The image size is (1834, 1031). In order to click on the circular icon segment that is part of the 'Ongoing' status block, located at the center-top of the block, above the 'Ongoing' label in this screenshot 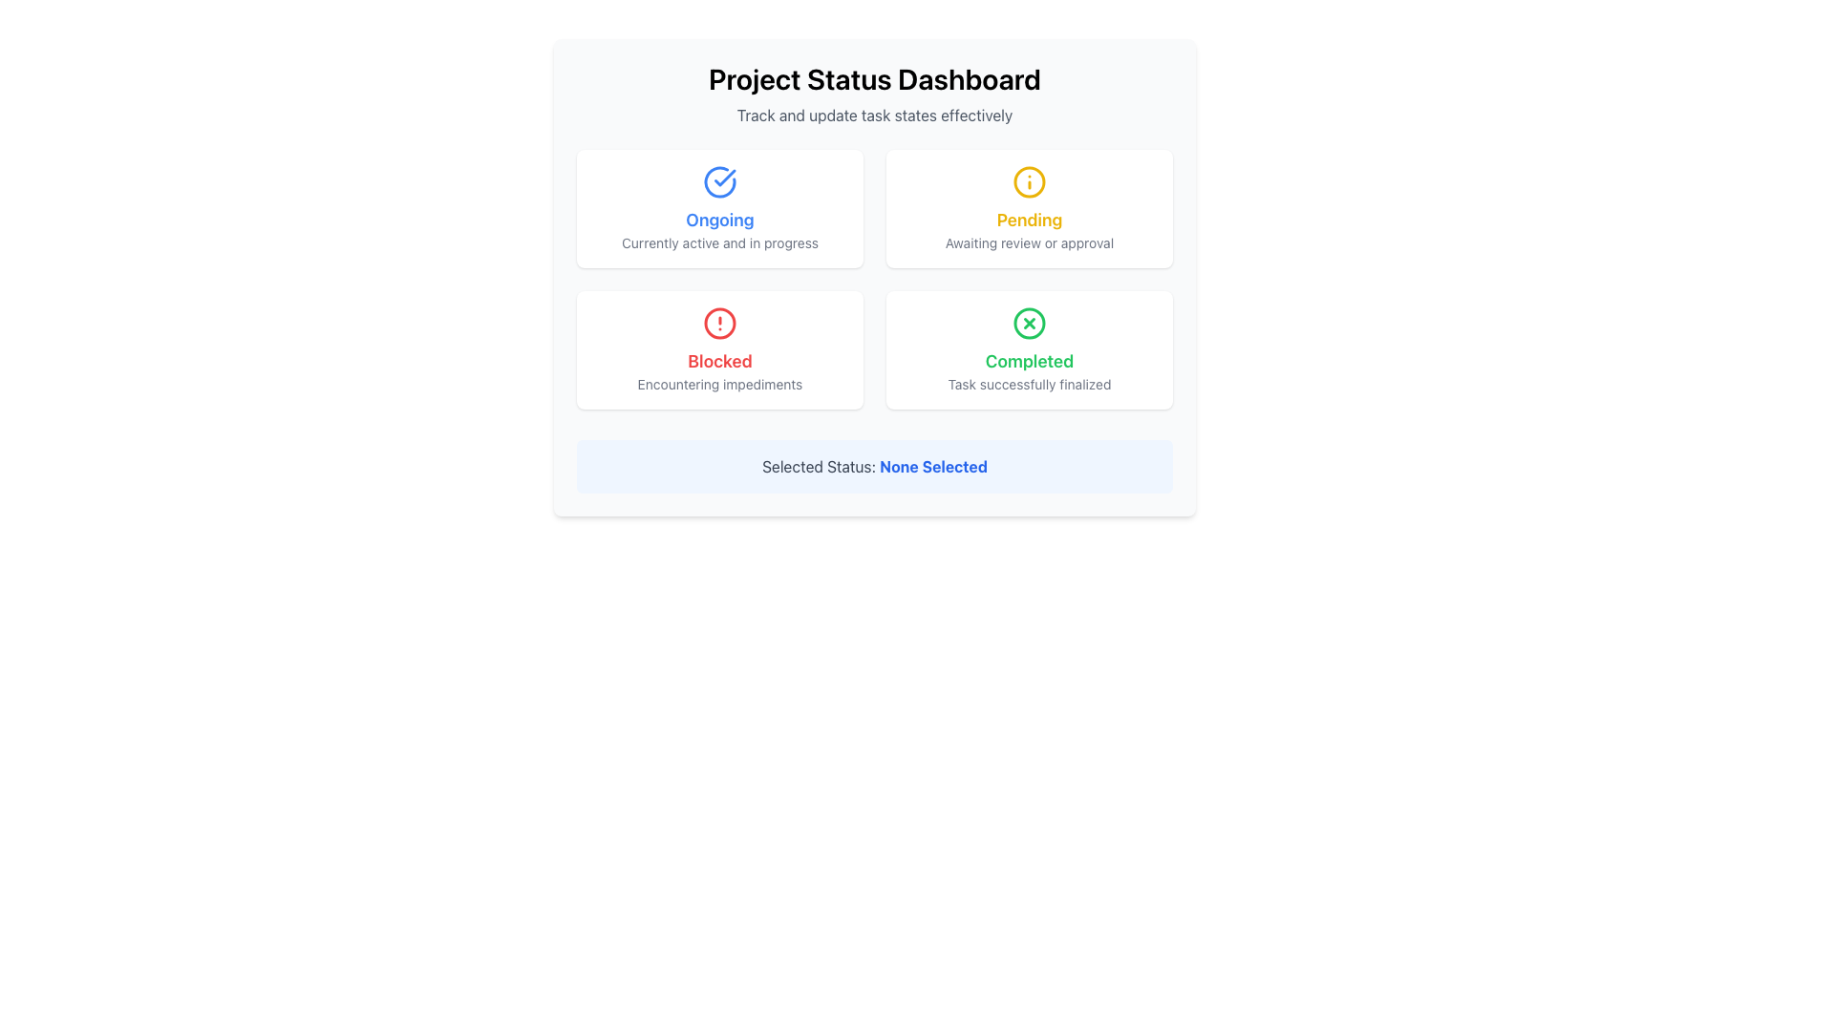, I will do `click(718, 181)`.